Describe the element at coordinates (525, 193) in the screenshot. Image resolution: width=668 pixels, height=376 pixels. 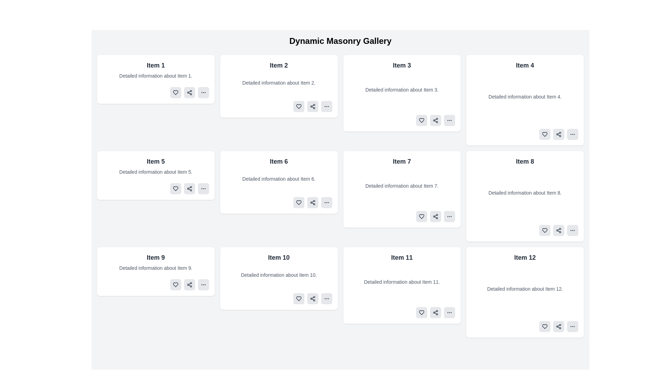
I see `the static text label that contains the text 'Detailed information about Item 8.', which is styled in a smaller muted gray font and located below the title 'Item 8'` at that location.